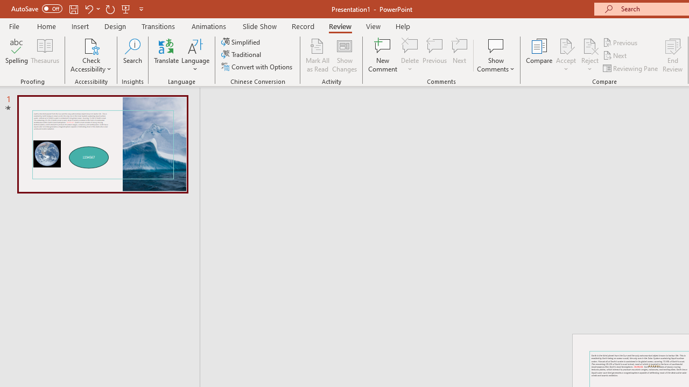 Image resolution: width=689 pixels, height=387 pixels. What do you see at coordinates (46, 26) in the screenshot?
I see `'Home'` at bounding box center [46, 26].